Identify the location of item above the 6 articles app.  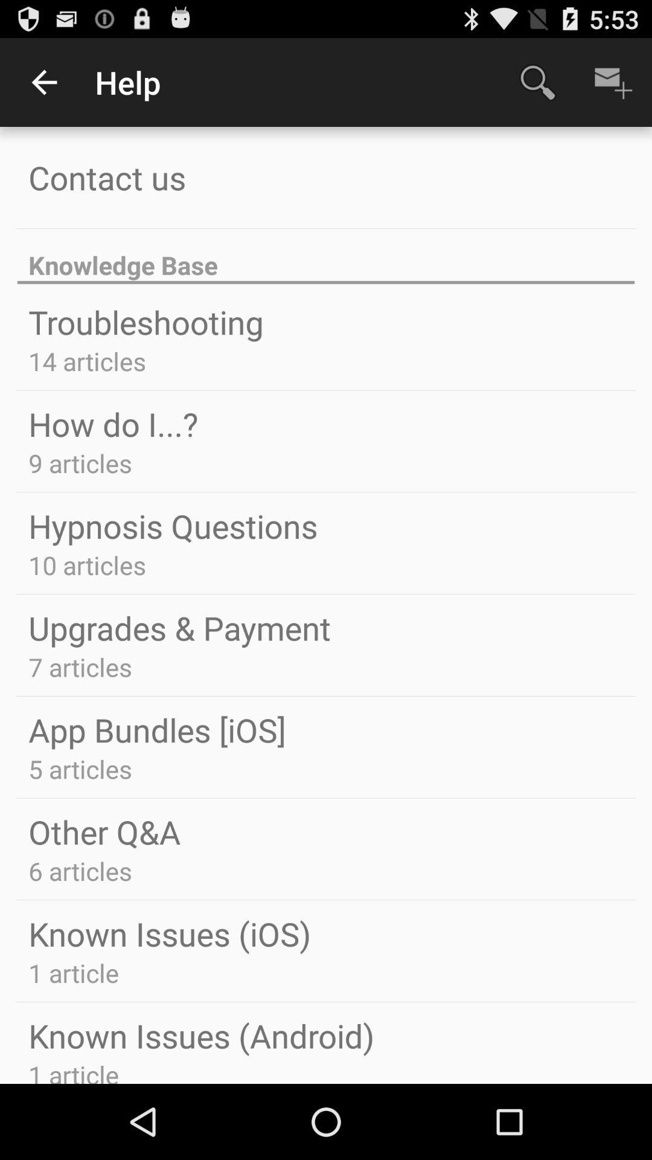
(104, 831).